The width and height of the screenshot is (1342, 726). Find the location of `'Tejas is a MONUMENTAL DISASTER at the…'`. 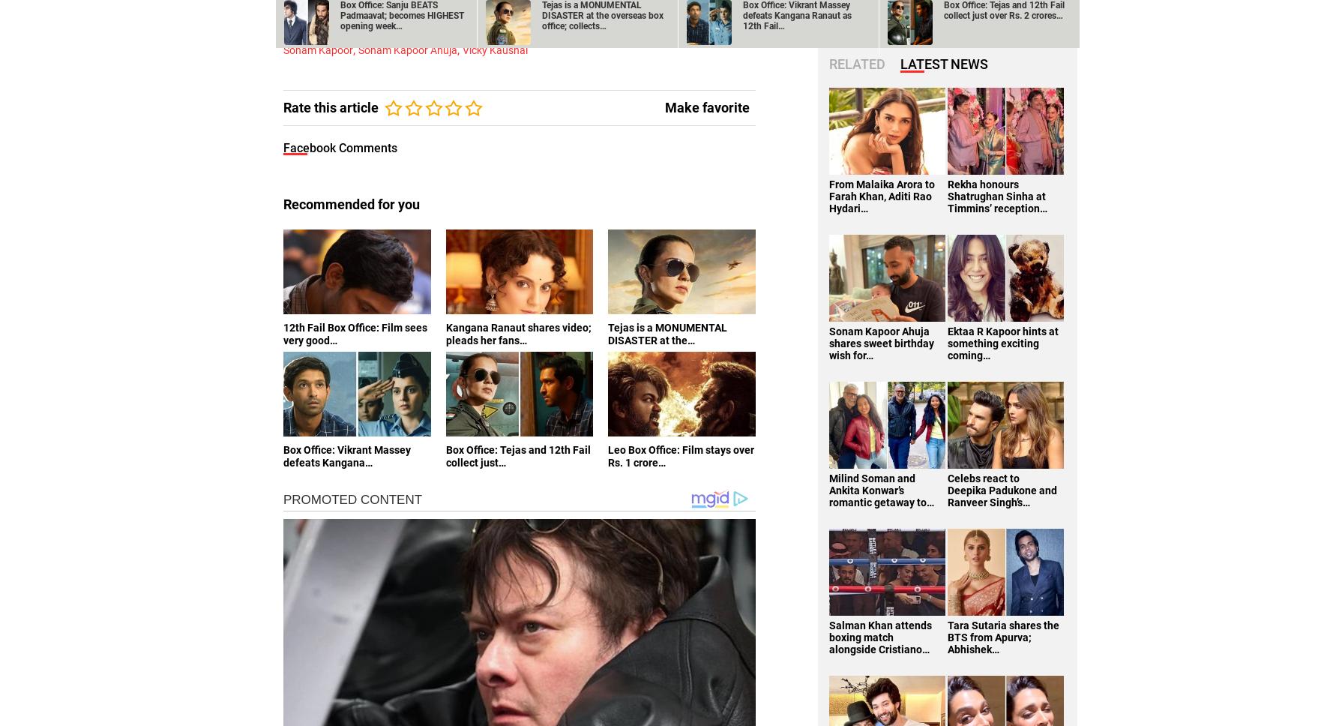

'Tejas is a MONUMENTAL DISASTER at the…' is located at coordinates (667, 333).